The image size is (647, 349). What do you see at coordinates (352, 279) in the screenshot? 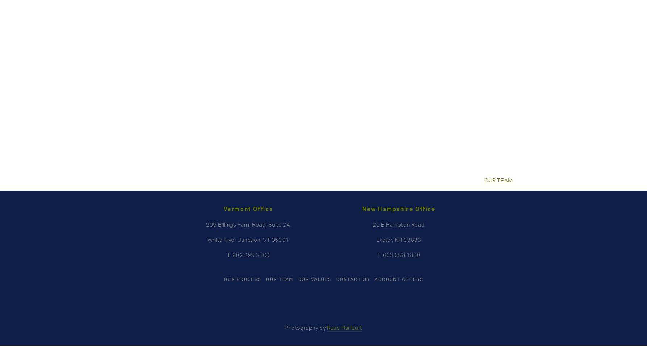
I see `'CONTACT US'` at bounding box center [352, 279].